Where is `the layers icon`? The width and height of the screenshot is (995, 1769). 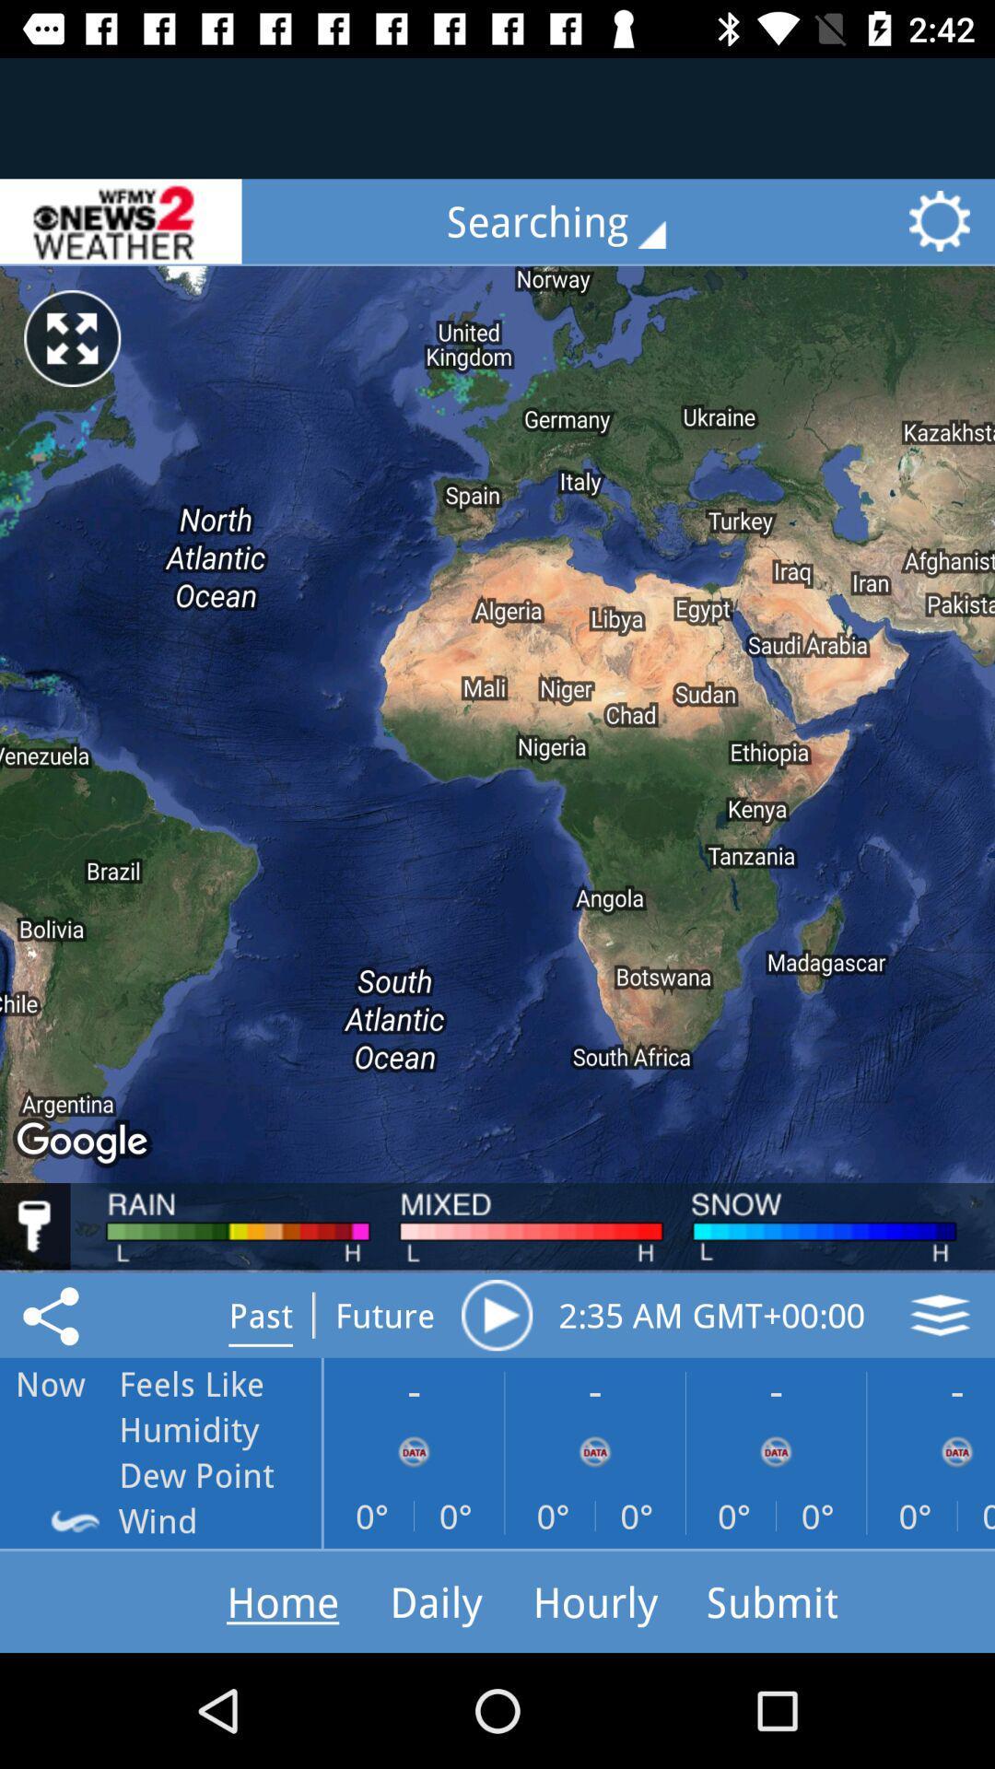
the layers icon is located at coordinates (940, 1314).